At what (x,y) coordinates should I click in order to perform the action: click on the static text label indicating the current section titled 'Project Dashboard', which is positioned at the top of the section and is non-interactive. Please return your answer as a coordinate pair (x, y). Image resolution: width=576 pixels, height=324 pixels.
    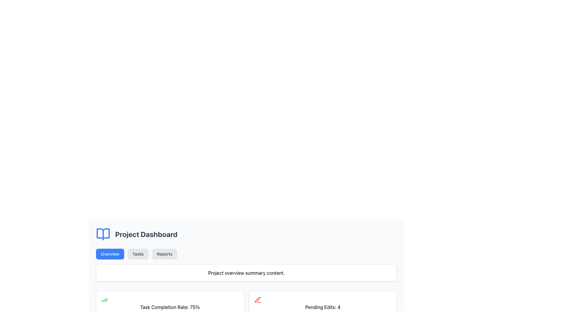
    Looking at the image, I should click on (146, 234).